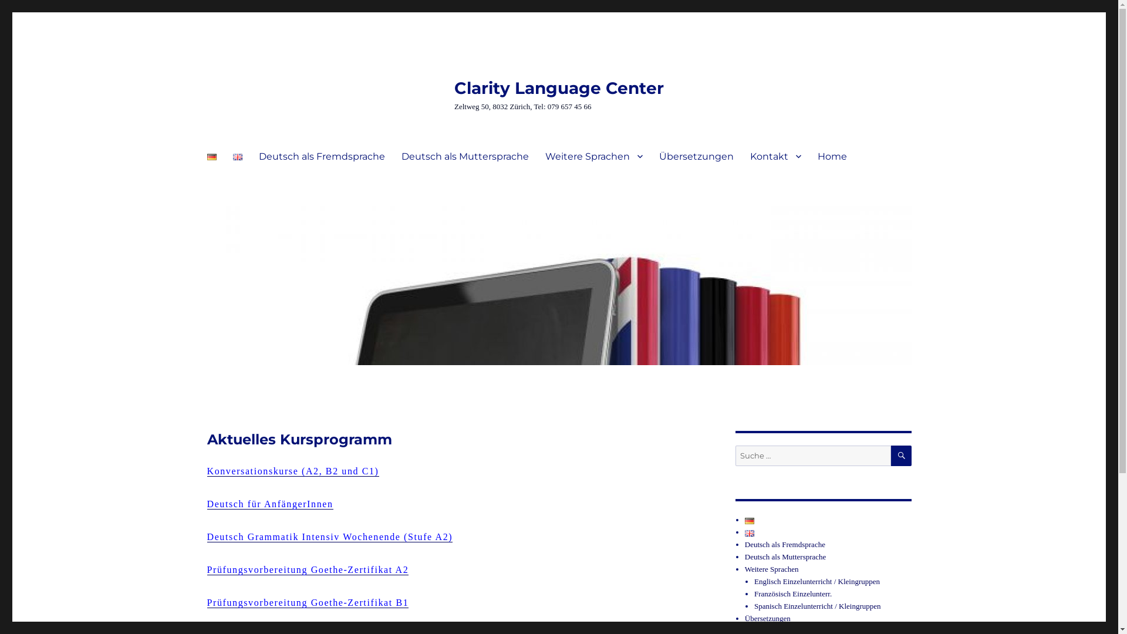 This screenshot has width=1127, height=634. What do you see at coordinates (748, 520) in the screenshot?
I see `'Deutsch'` at bounding box center [748, 520].